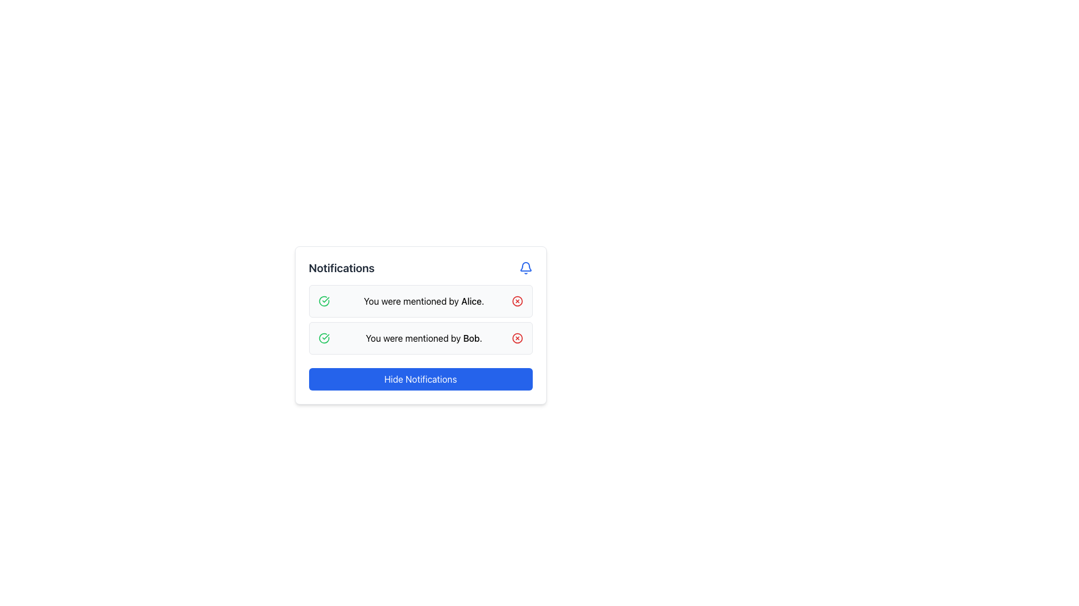  Describe the element at coordinates (341, 268) in the screenshot. I see `text element that serves as a title or heading for the notification panel, located near the top left of the panel` at that location.